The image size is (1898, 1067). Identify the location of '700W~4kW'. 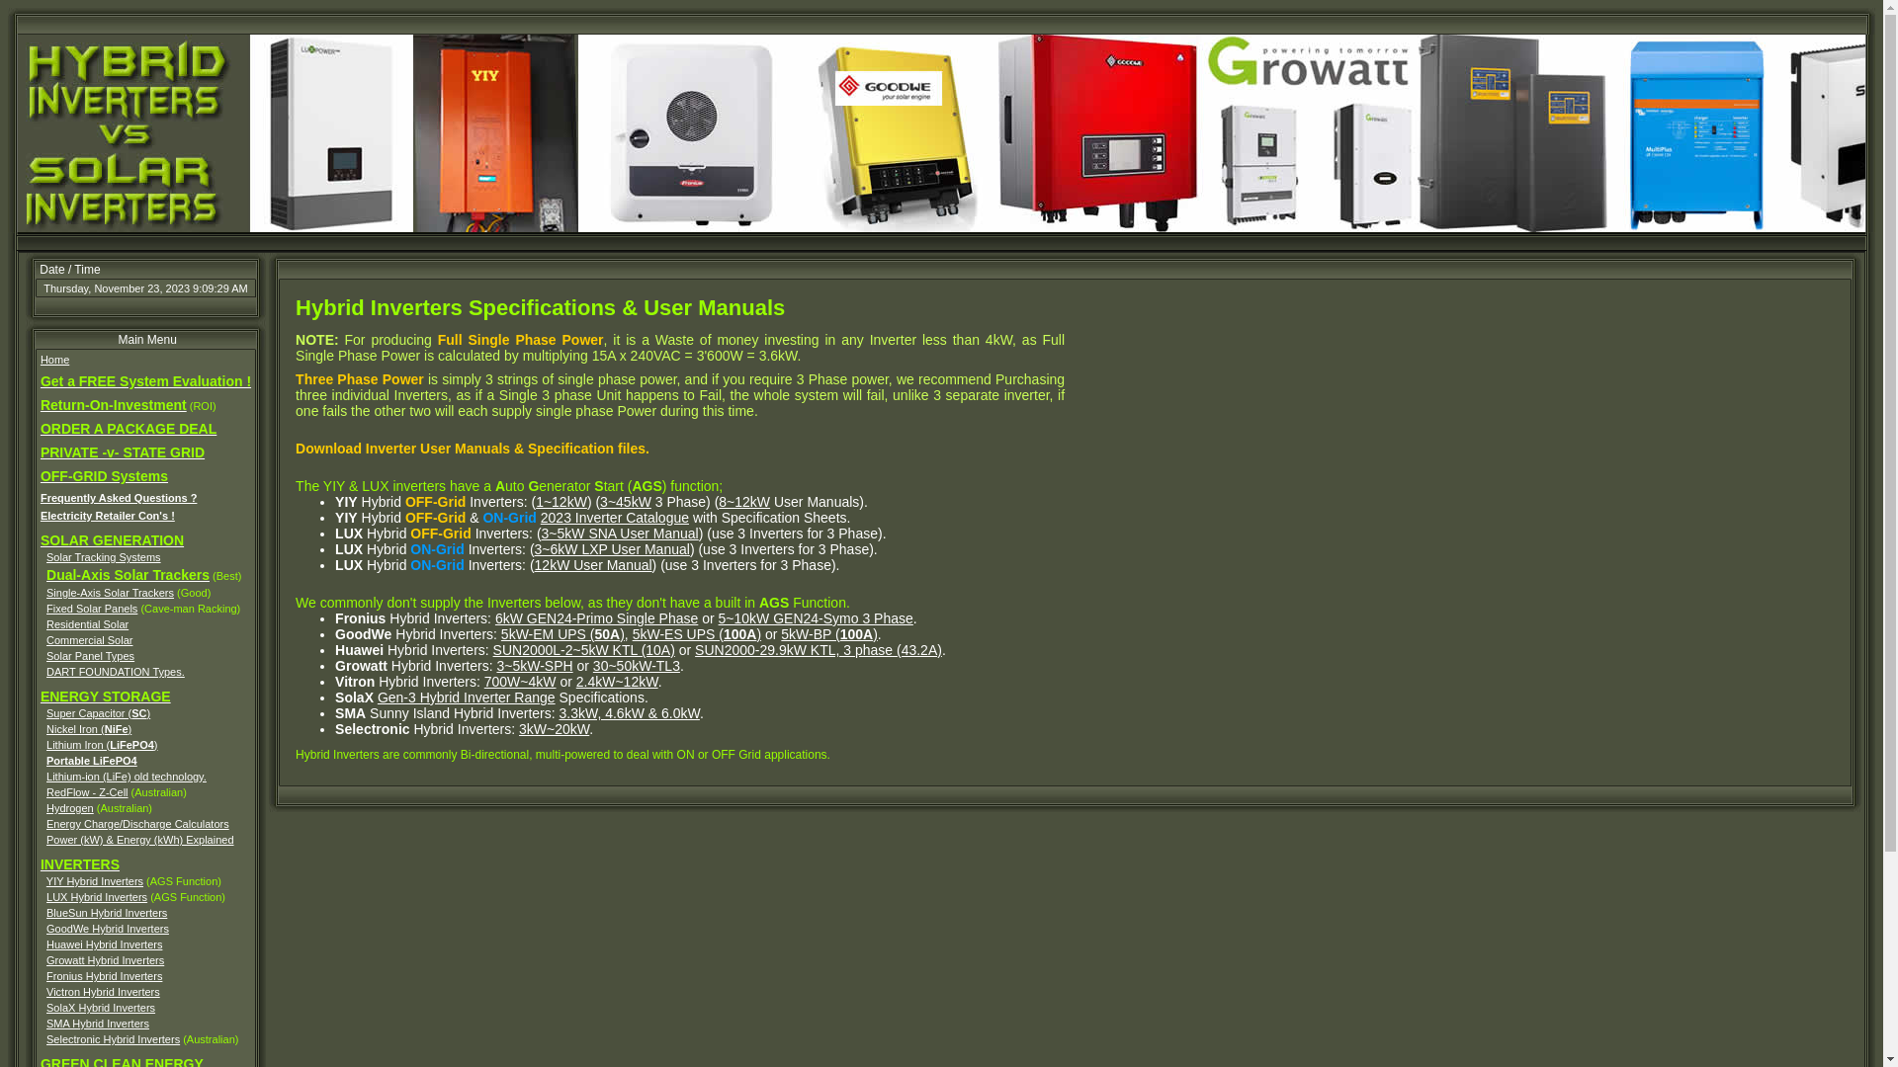
(520, 681).